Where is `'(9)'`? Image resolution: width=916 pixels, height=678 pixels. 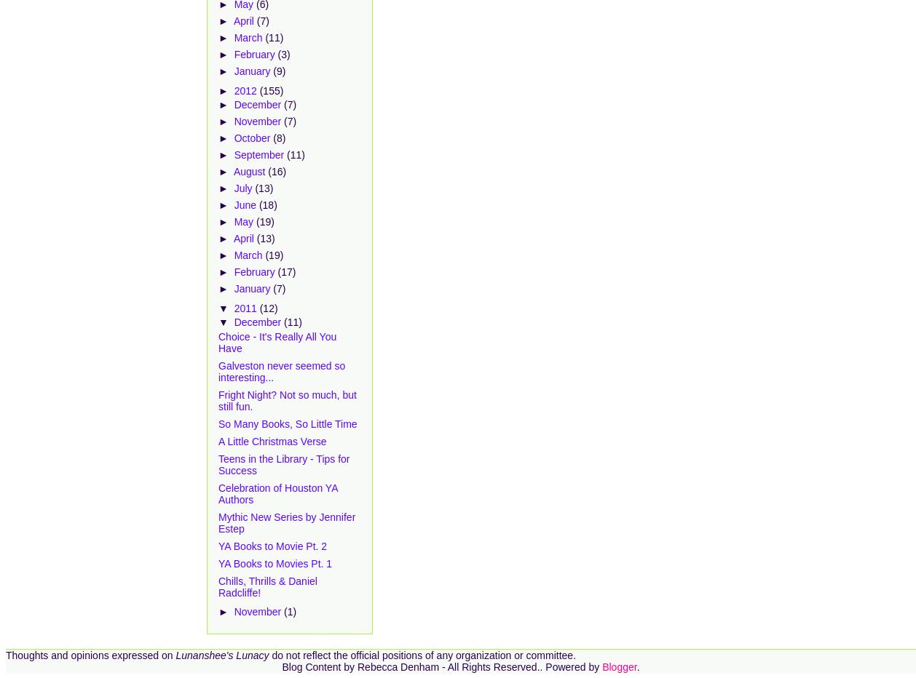 '(9)' is located at coordinates (278, 71).